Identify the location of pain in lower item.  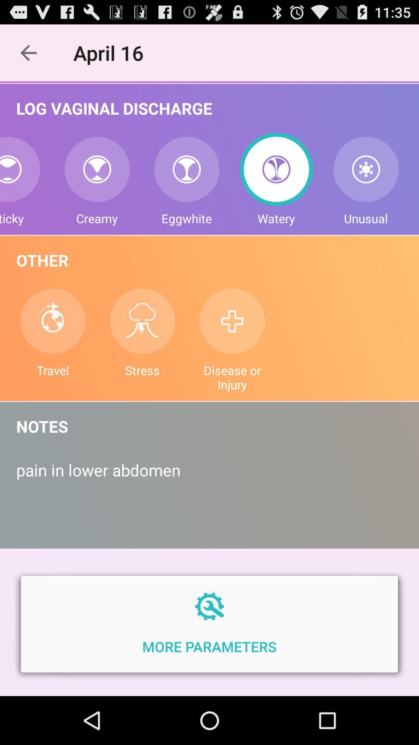
(209, 478).